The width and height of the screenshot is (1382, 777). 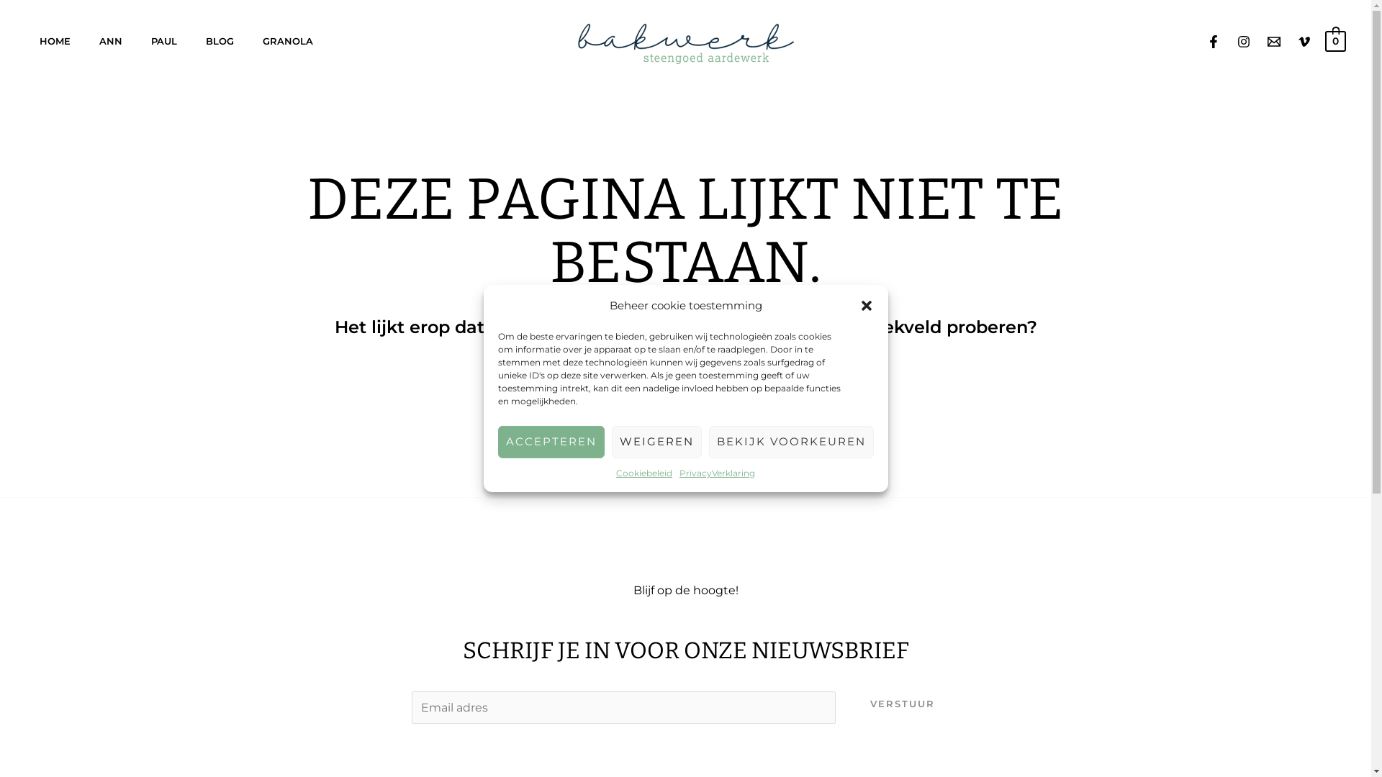 What do you see at coordinates (497, 441) in the screenshot?
I see `'ACCEPTEREN'` at bounding box center [497, 441].